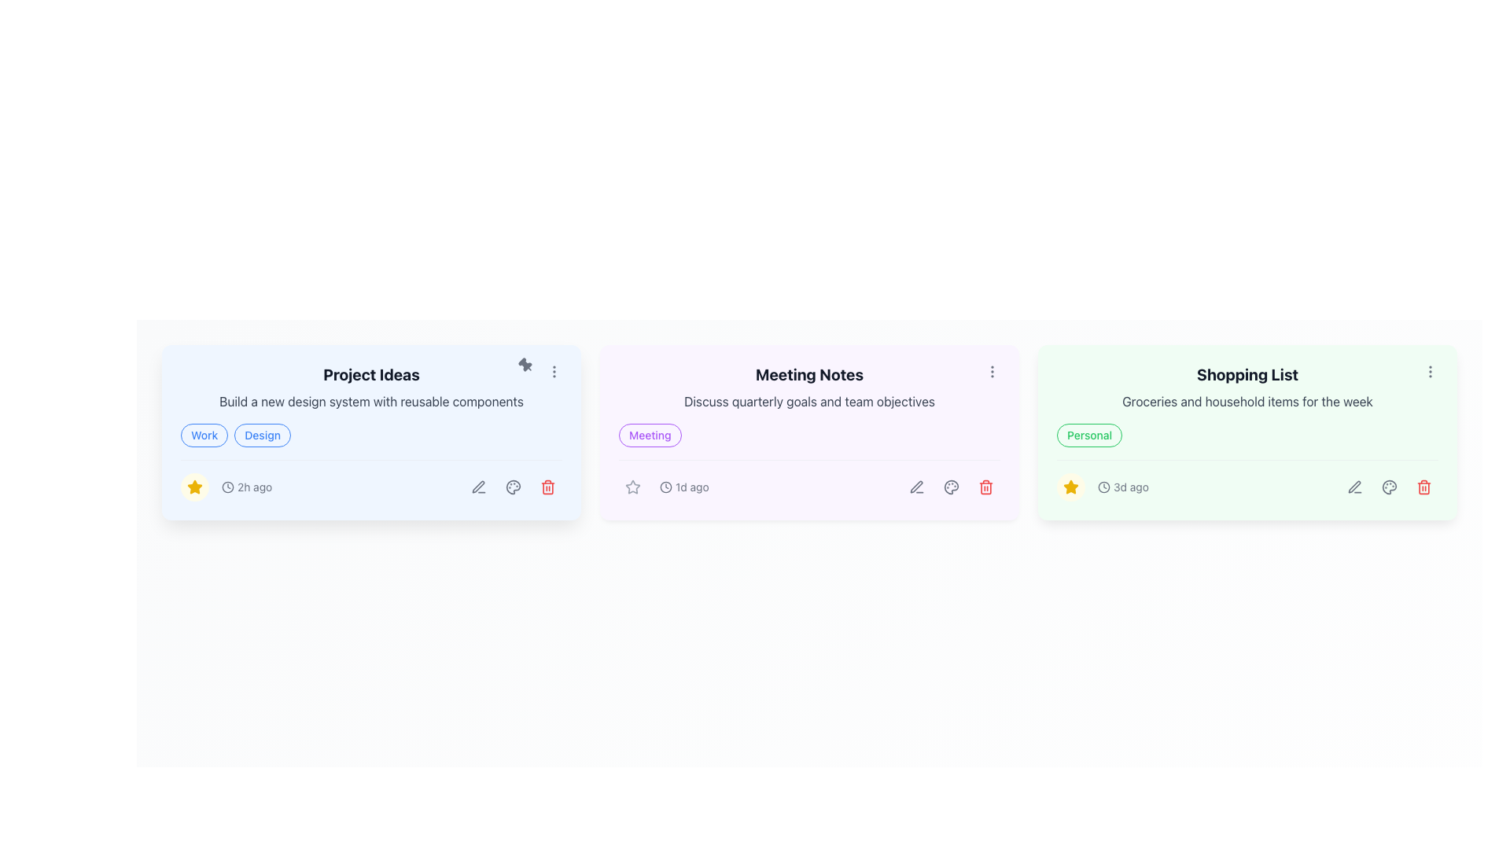 The image size is (1510, 849). Describe the element at coordinates (1423, 487) in the screenshot. I see `the deletion button located at the bottom-right of the 'Shopping List' card` at that location.